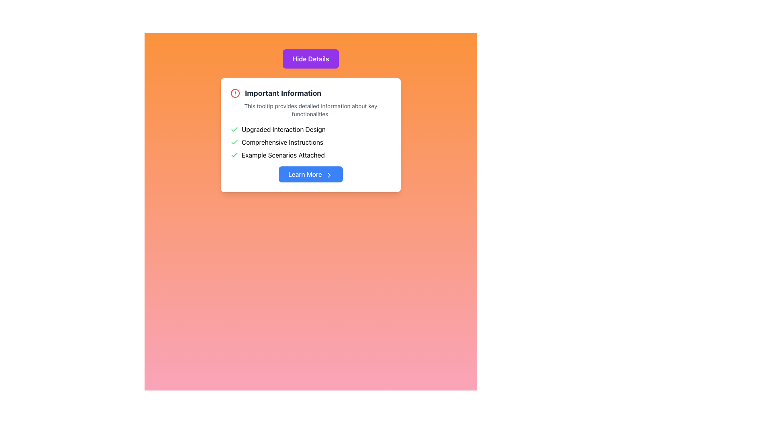 Image resolution: width=771 pixels, height=433 pixels. Describe the element at coordinates (329, 174) in the screenshot. I see `the interactive icon located in the bottom-right corner of the 'Learn More' button, which suggests navigation or progression after the text 'Learn More'` at that location.